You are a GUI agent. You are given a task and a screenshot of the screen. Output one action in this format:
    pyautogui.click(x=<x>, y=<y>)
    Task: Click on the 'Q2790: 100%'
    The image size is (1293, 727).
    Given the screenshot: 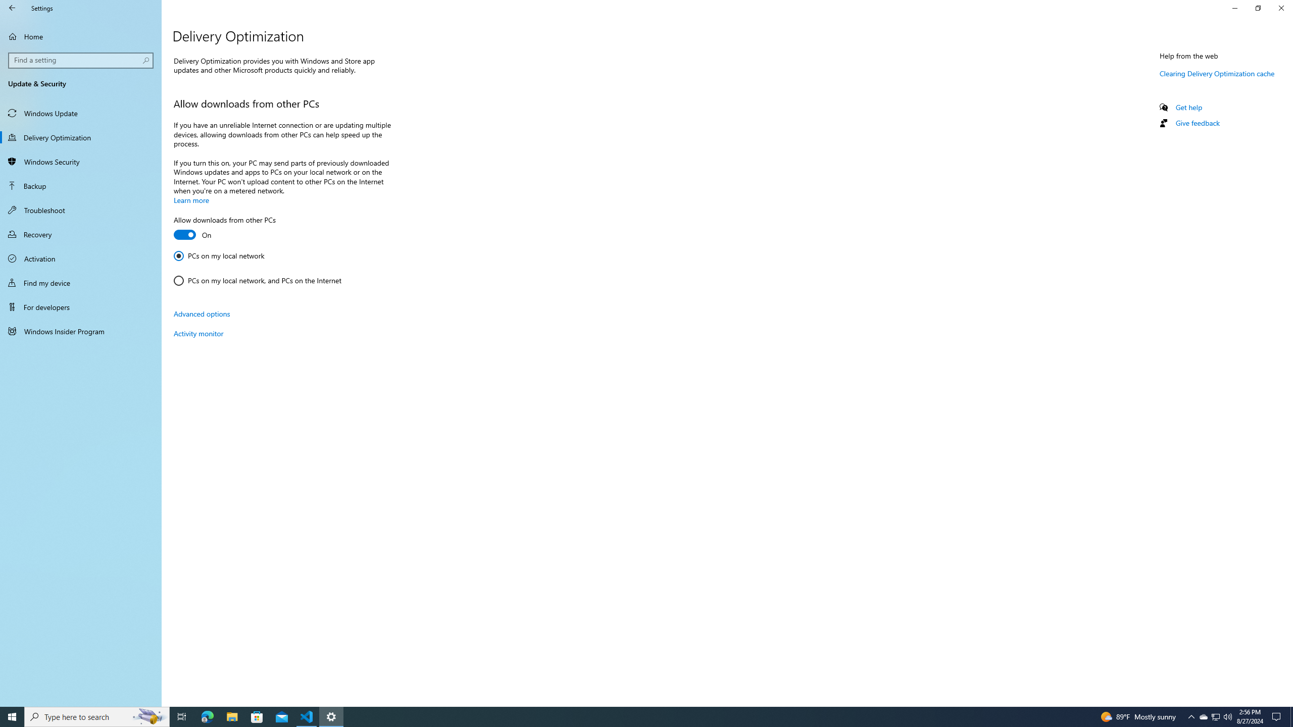 What is the action you would take?
    pyautogui.click(x=1227, y=716)
    